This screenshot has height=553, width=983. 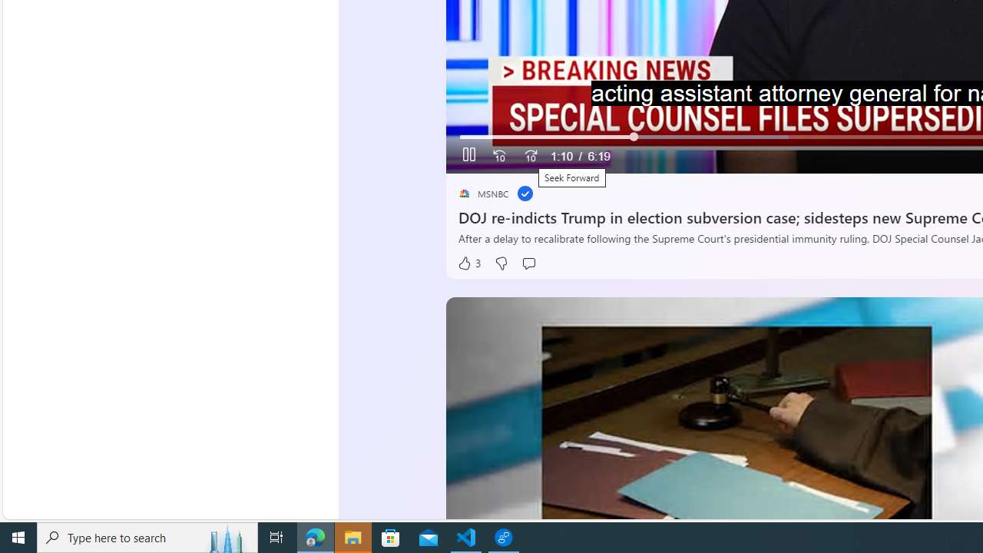 I want to click on 'Pause', so click(x=468, y=156).